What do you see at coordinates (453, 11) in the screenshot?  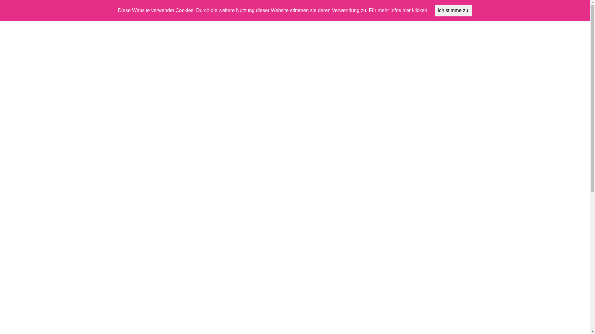 I see `'Ich stimme zu.'` at bounding box center [453, 11].